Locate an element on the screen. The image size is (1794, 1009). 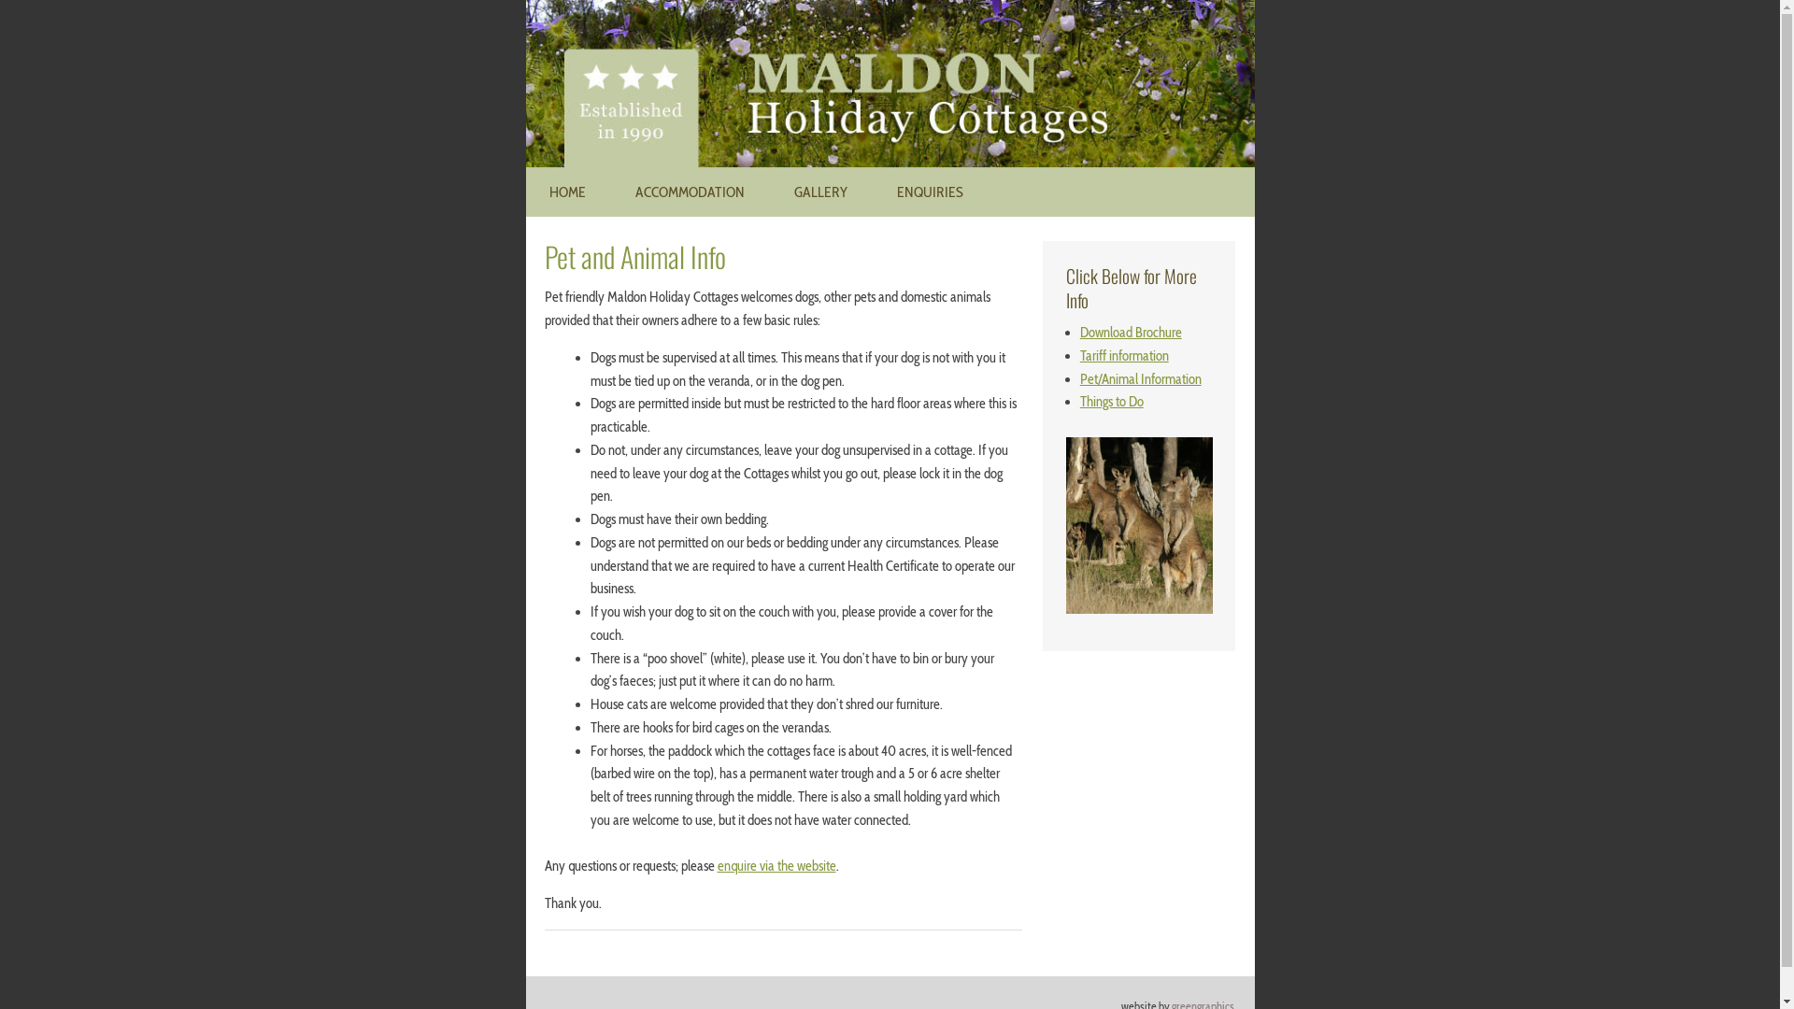
'ACCOMMODATION' is located at coordinates (610, 192).